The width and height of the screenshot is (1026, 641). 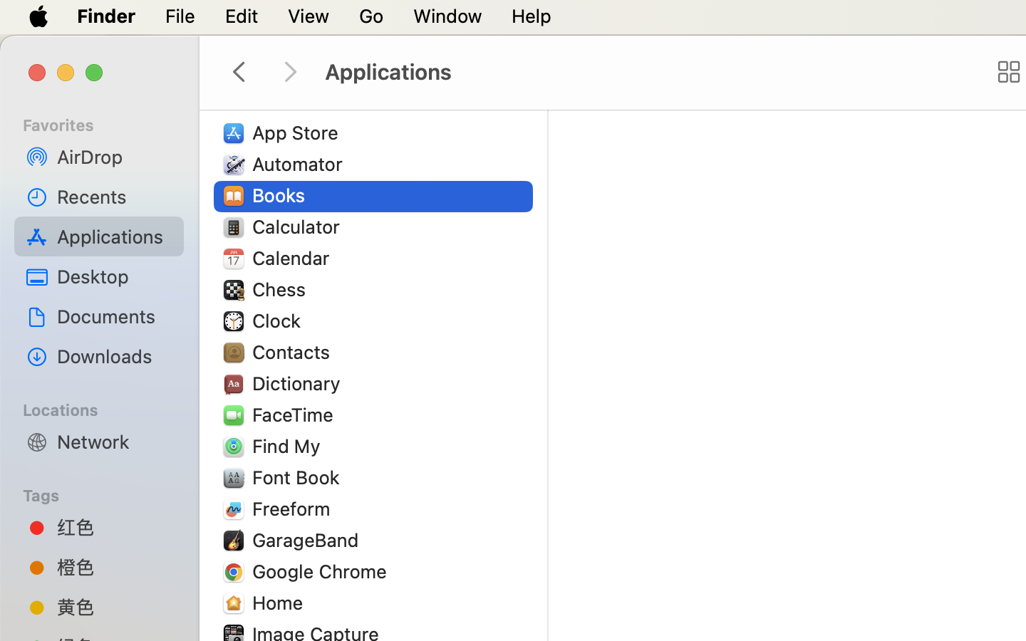 I want to click on 'Google Chrome', so click(x=323, y=570).